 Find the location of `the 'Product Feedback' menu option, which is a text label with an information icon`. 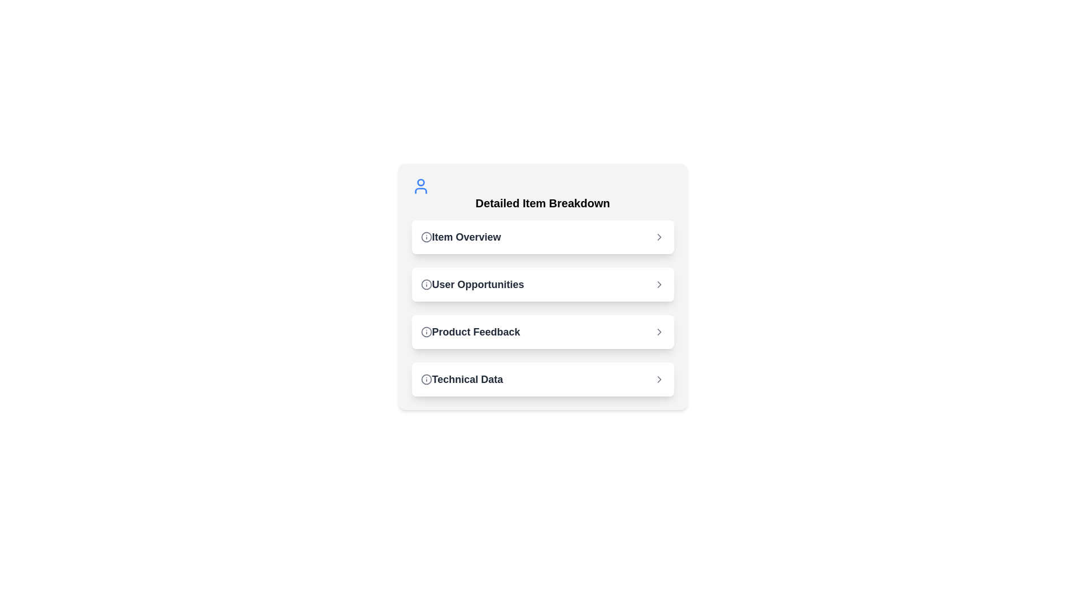

the 'Product Feedback' menu option, which is a text label with an information icon is located at coordinates (470, 331).